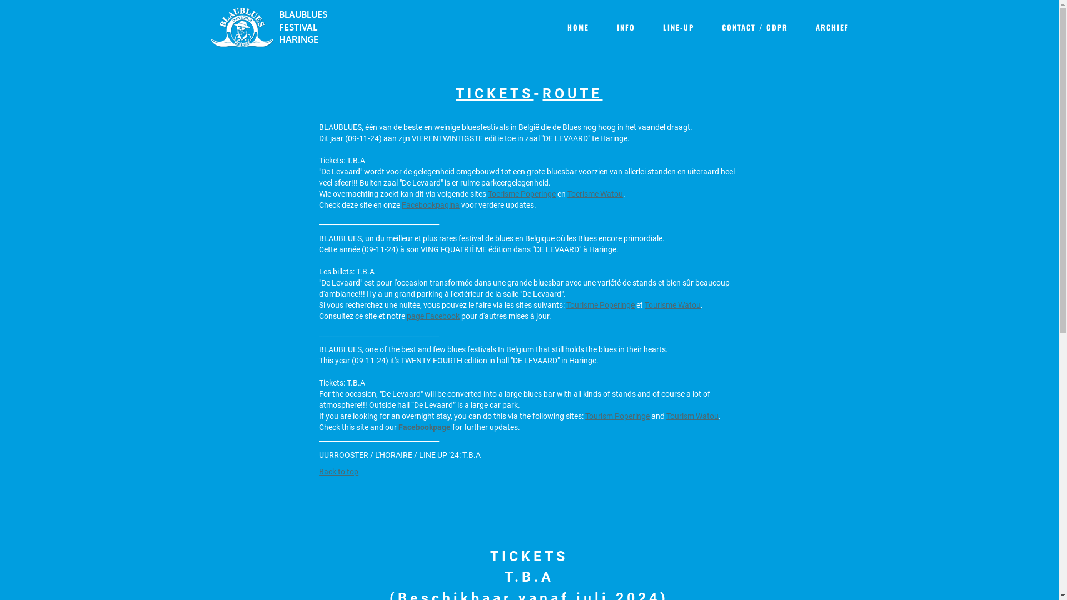  I want to click on 'Facebookpage', so click(423, 426).